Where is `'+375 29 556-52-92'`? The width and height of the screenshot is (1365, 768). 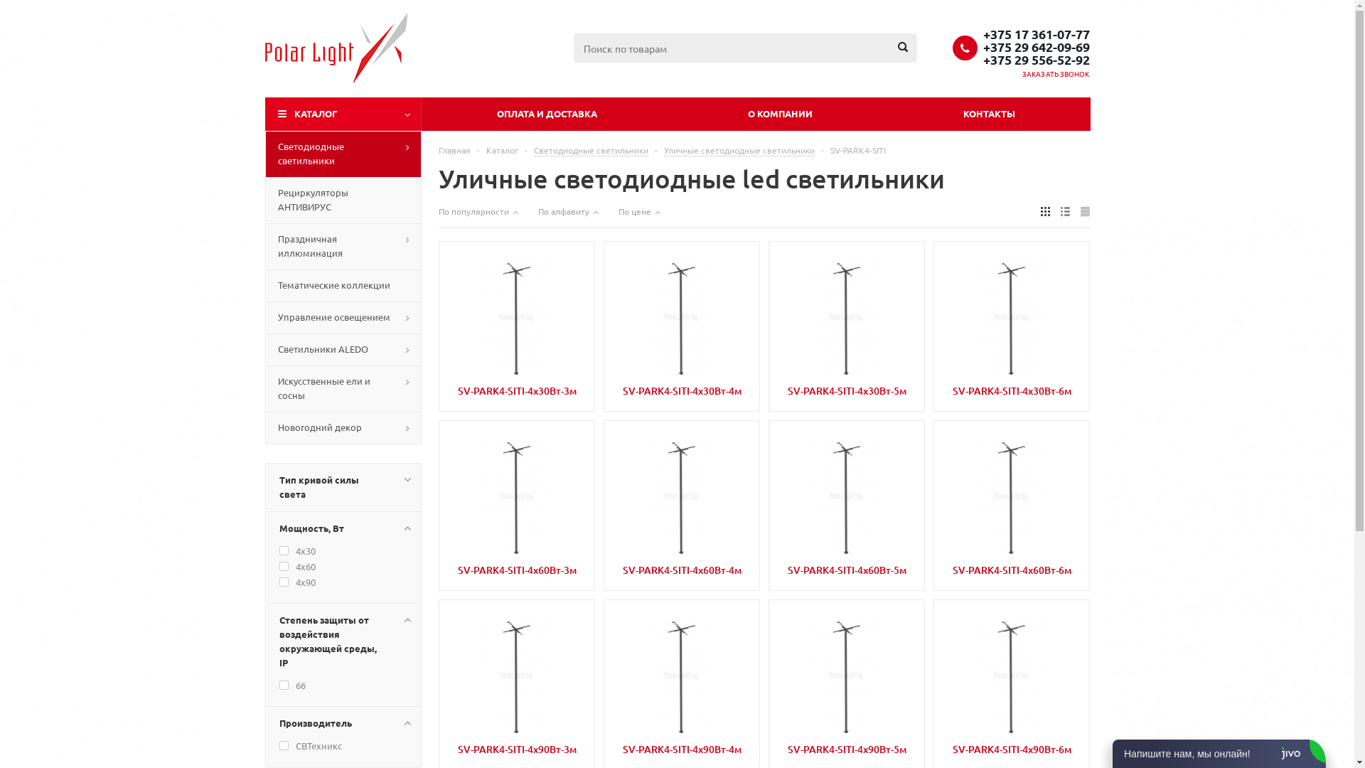 '+375 29 556-52-92' is located at coordinates (1036, 58).